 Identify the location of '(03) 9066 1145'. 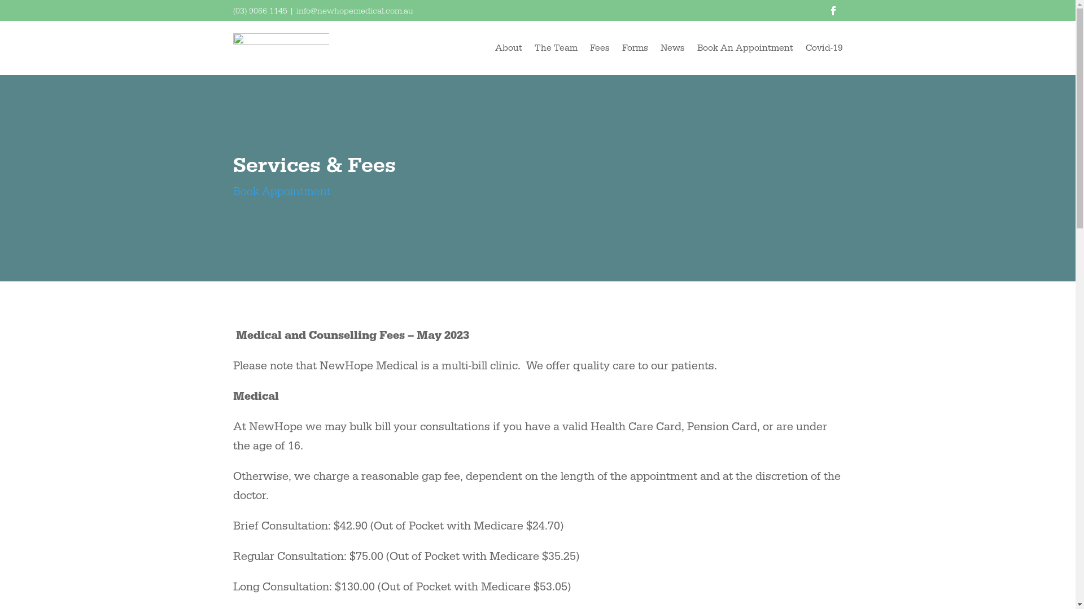
(259, 11).